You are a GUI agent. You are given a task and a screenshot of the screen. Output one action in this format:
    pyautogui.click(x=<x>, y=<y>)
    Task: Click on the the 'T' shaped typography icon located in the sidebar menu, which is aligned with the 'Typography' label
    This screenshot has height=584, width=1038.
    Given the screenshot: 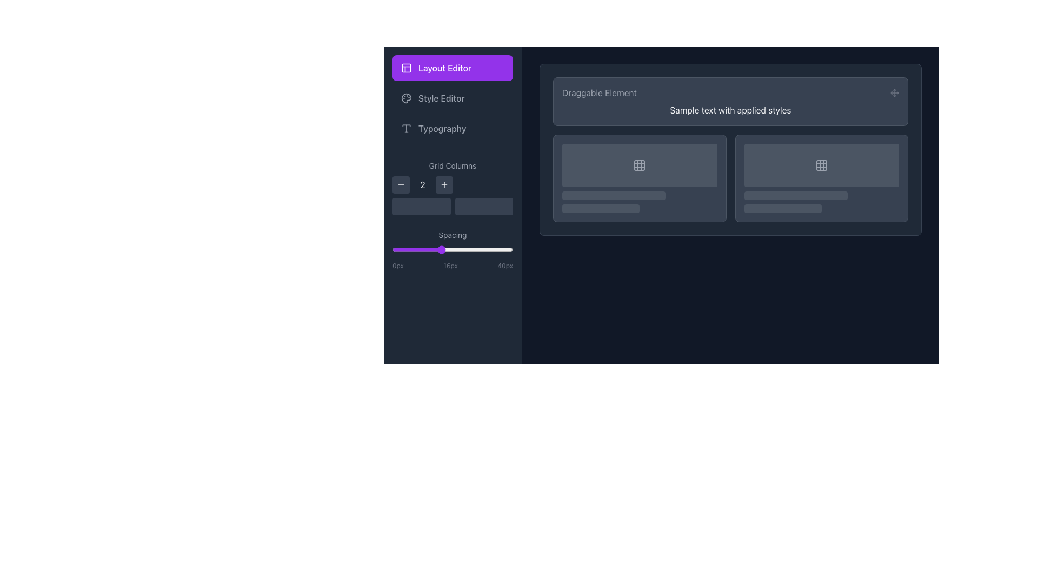 What is the action you would take?
    pyautogui.click(x=406, y=128)
    